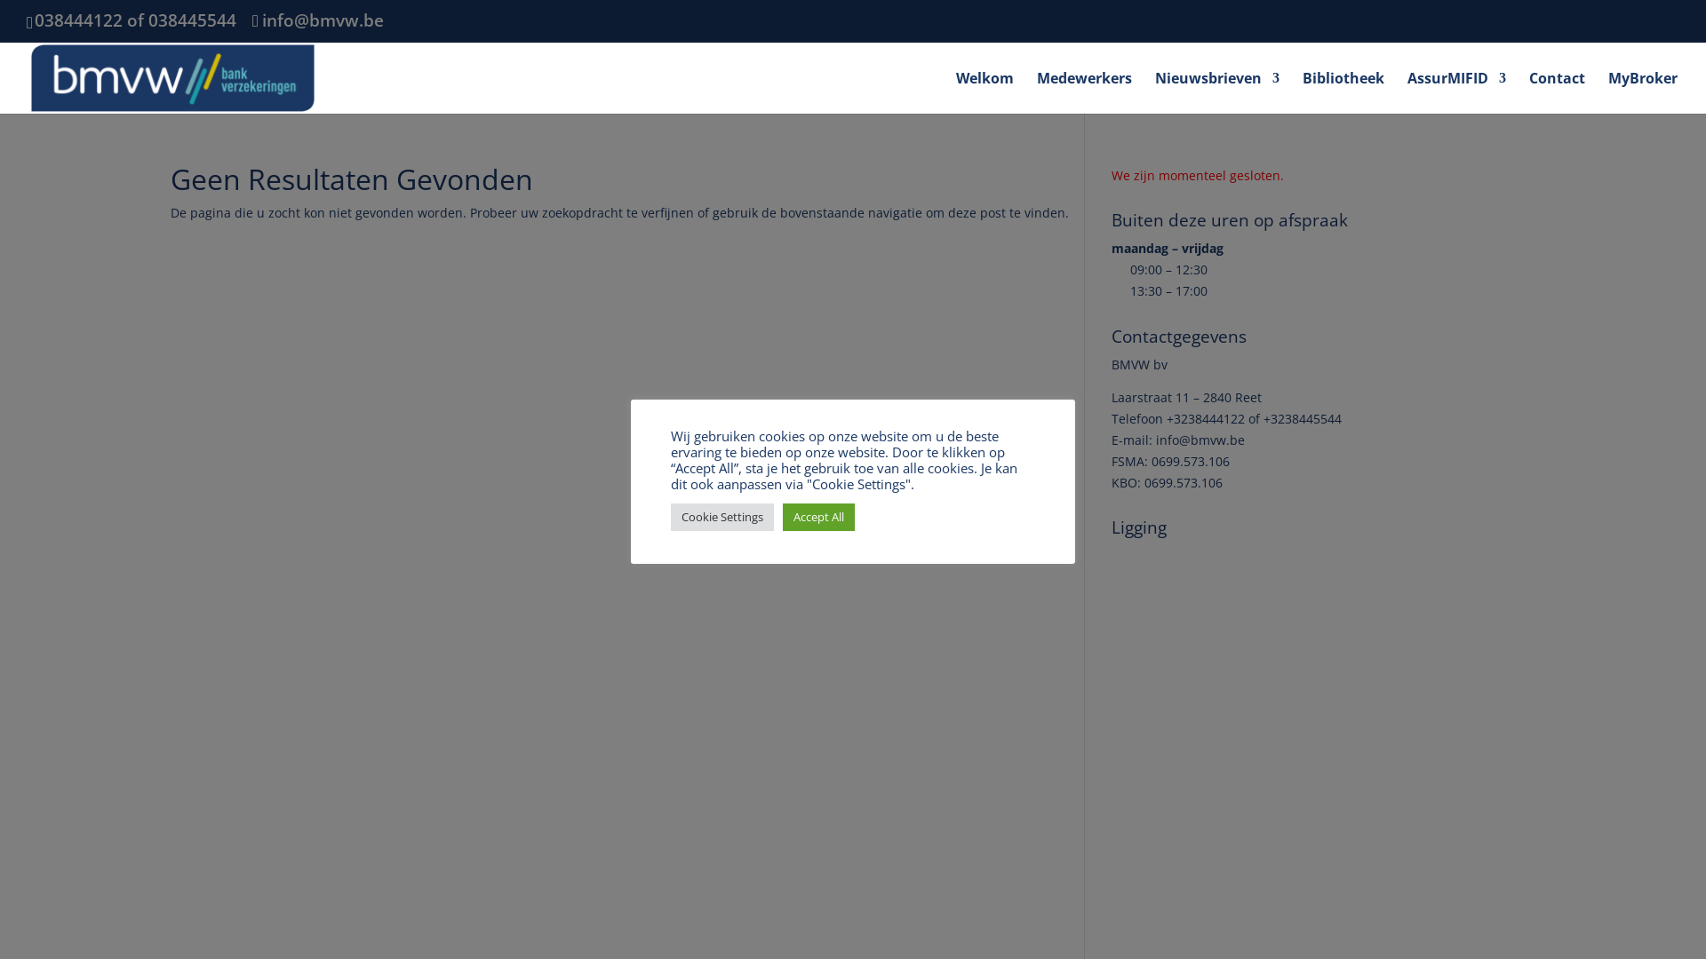  What do you see at coordinates (1556, 91) in the screenshot?
I see `'Contact'` at bounding box center [1556, 91].